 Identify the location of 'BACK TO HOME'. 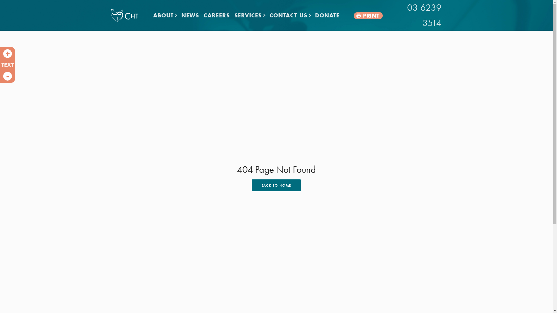
(276, 185).